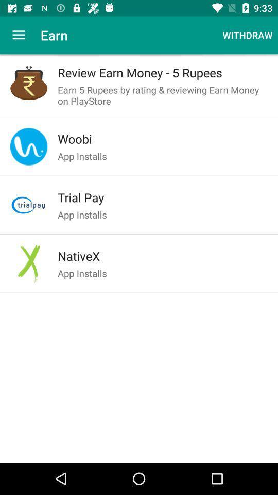  I want to click on item below app installs item, so click(163, 197).